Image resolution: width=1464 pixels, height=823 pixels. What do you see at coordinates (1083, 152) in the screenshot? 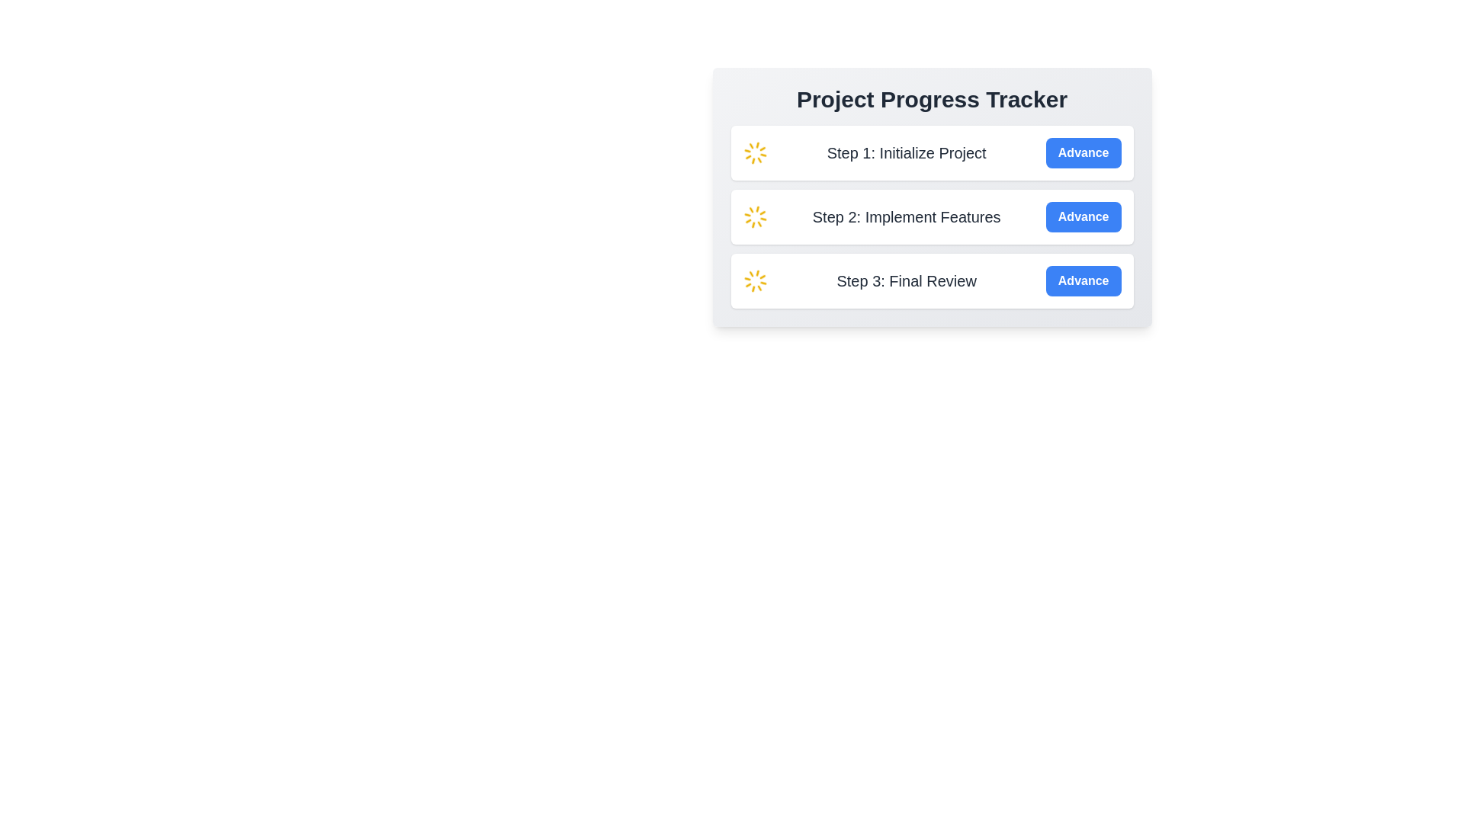
I see `the blue rounded rectangular button labeled 'Advance'` at bounding box center [1083, 152].